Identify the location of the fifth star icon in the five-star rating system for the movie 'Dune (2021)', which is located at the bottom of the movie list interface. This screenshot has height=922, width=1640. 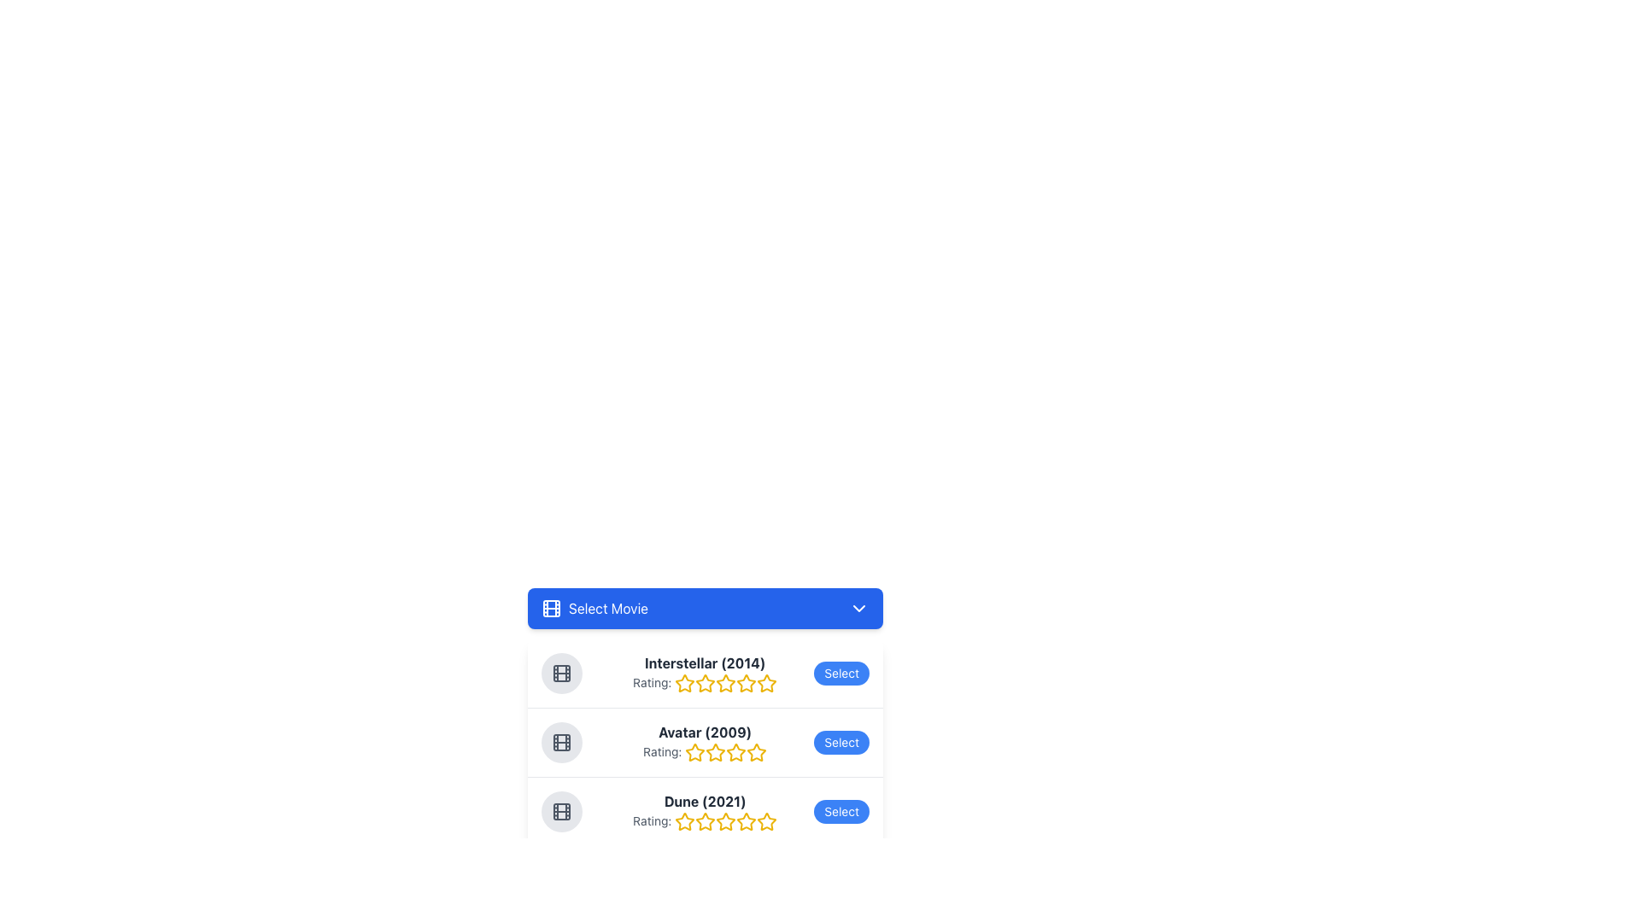
(726, 821).